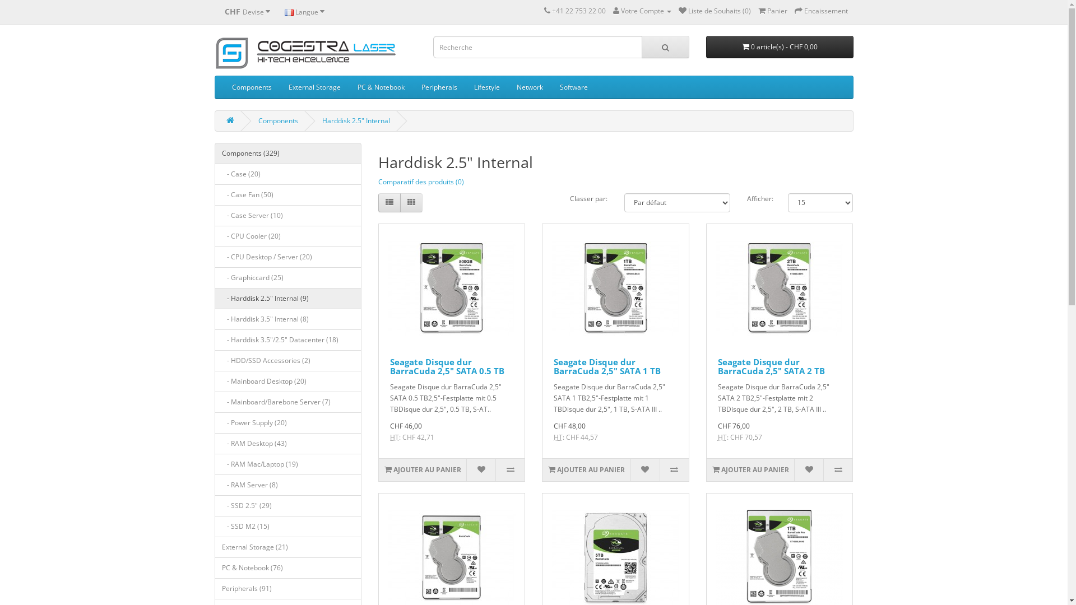 This screenshot has width=1076, height=605. I want to click on '   - Mainboard Desktop (20)', so click(287, 381).